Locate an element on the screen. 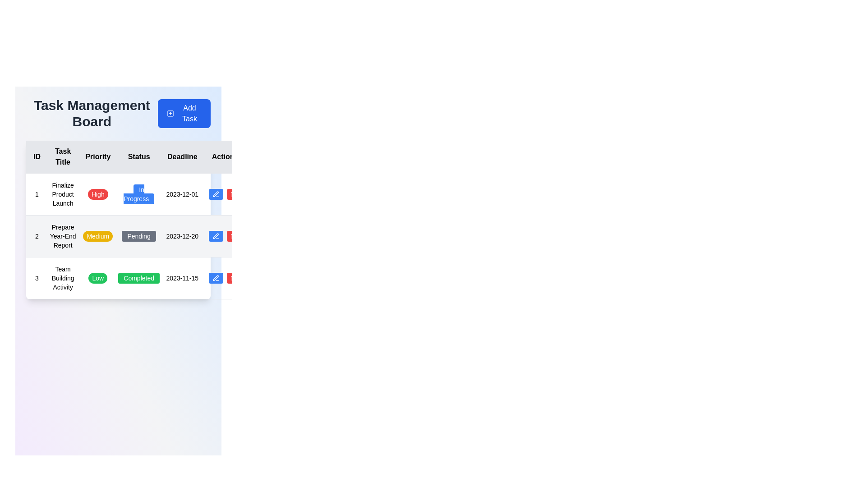  the 'Task Title' text label, which is the second column header in the table's header row, positioned between the 'ID' and 'Priority' columns is located at coordinates (62, 156).